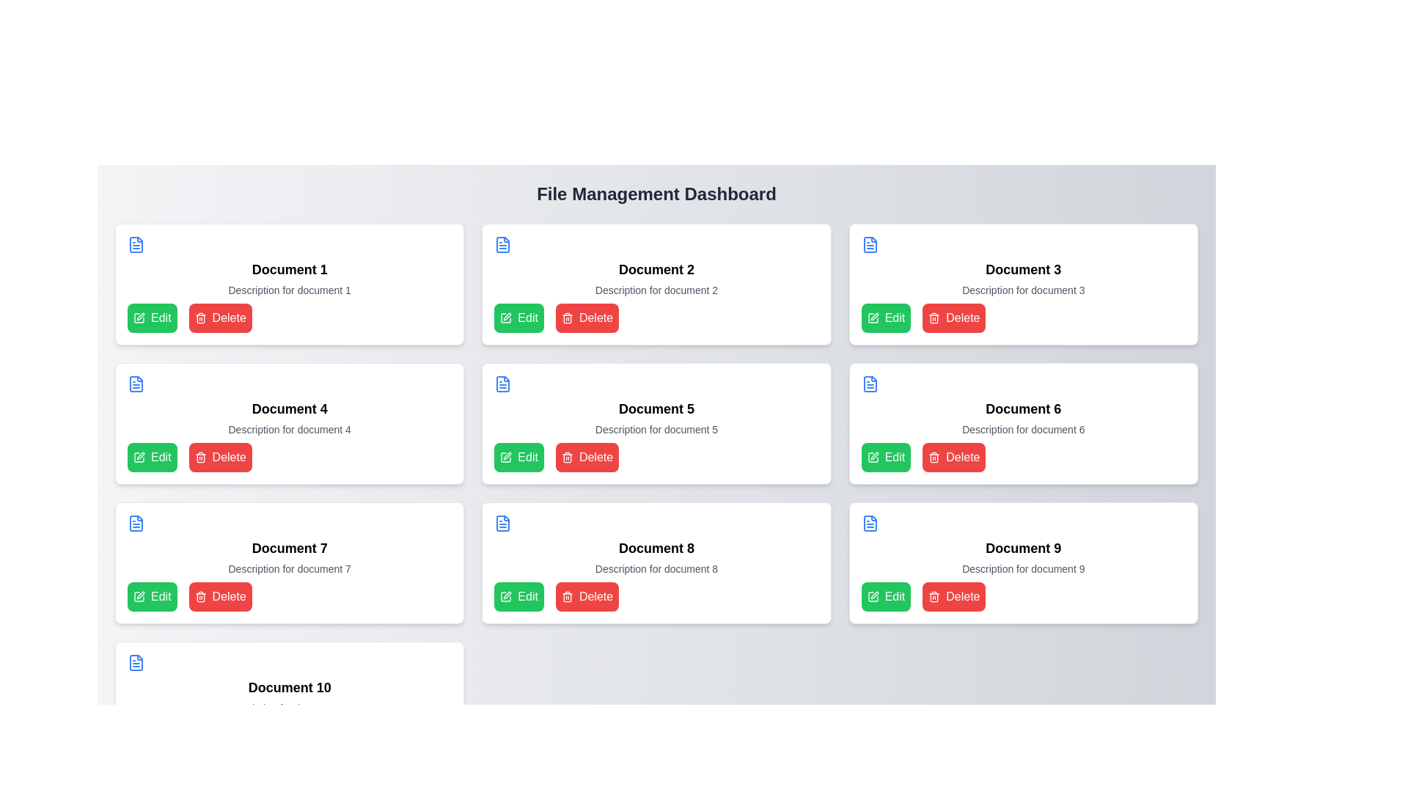 Image resolution: width=1408 pixels, height=792 pixels. I want to click on the static text label displaying 'Description for document 2', which is styled in a smaller gray font and located below the title 'Document 2' and above the 'Edit' and 'Delete' buttons, so click(656, 290).